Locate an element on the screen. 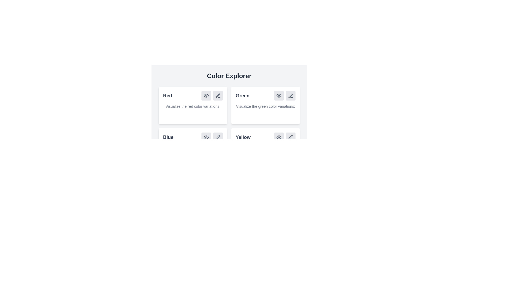 The image size is (513, 288). the pen icon in the Interactive Icon Group located in the upper-right corner of the 'Green' card is located at coordinates (284, 95).